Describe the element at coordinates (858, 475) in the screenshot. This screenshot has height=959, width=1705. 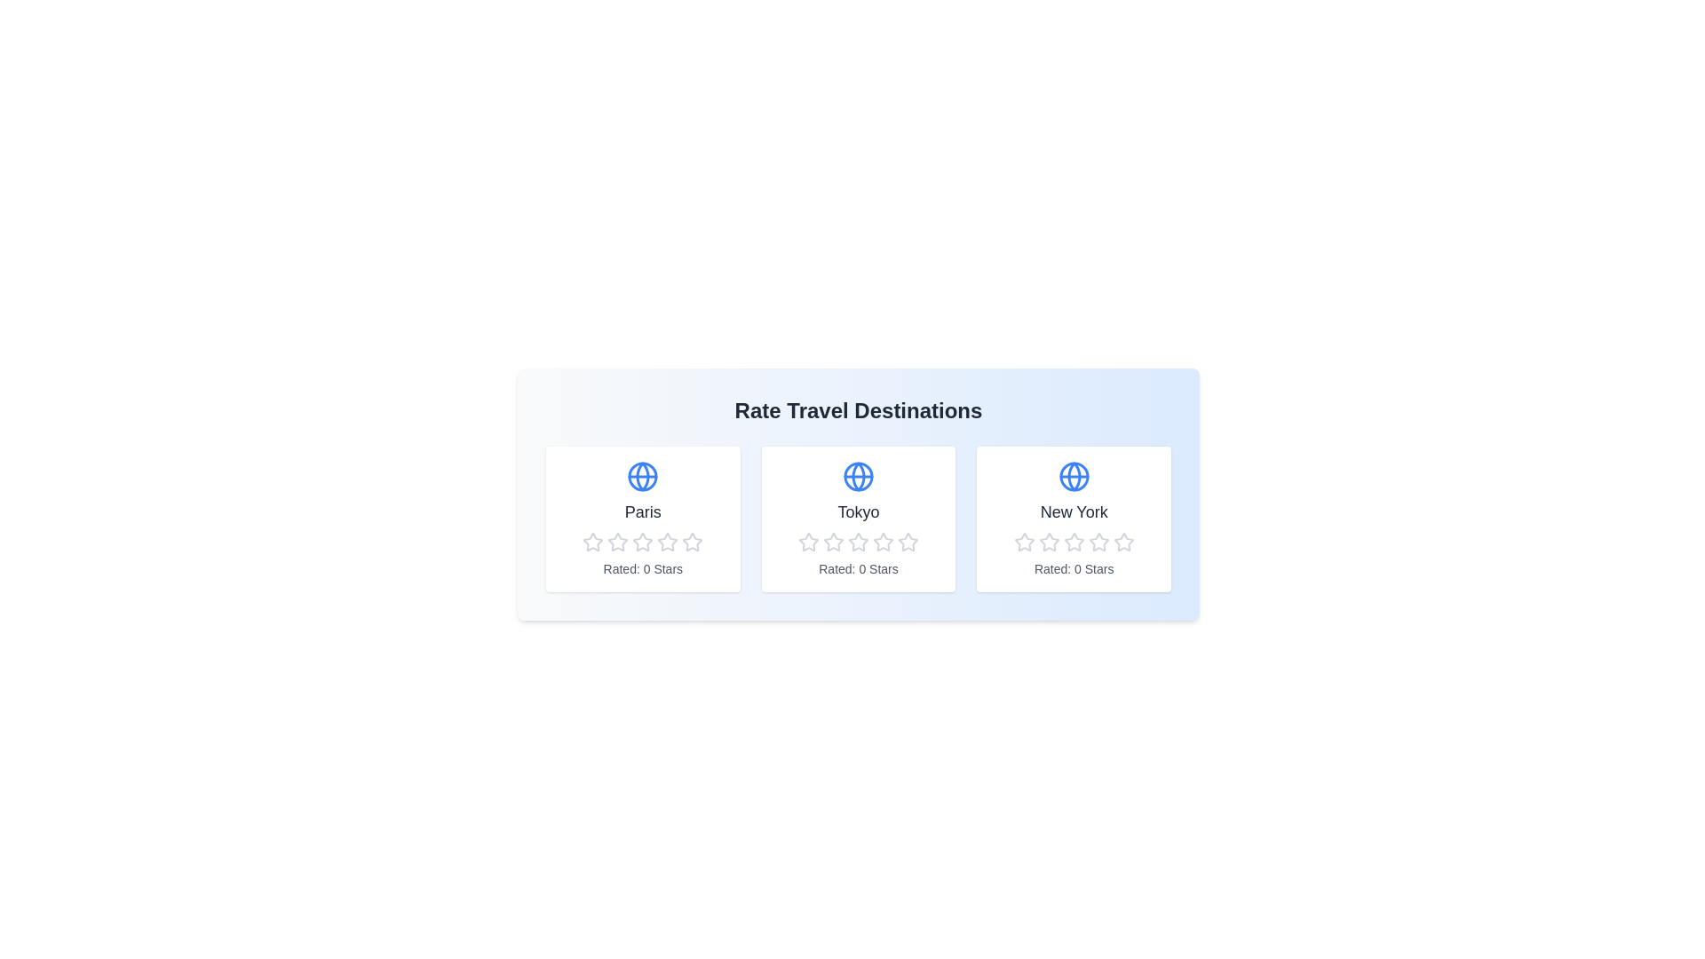
I see `the globe icon for the destination Tokyo` at that location.